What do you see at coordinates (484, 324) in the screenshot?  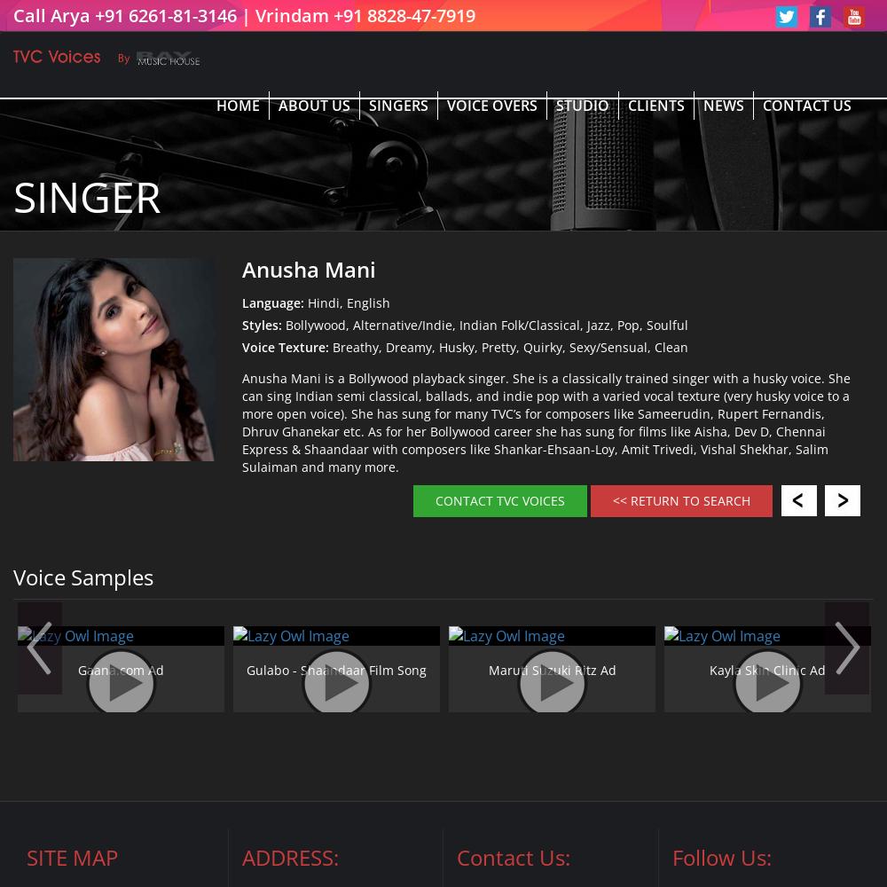 I see `'Bollywood, Alternative/Indie, Indian Folk/Classical, Jazz, Pop, Soulful'` at bounding box center [484, 324].